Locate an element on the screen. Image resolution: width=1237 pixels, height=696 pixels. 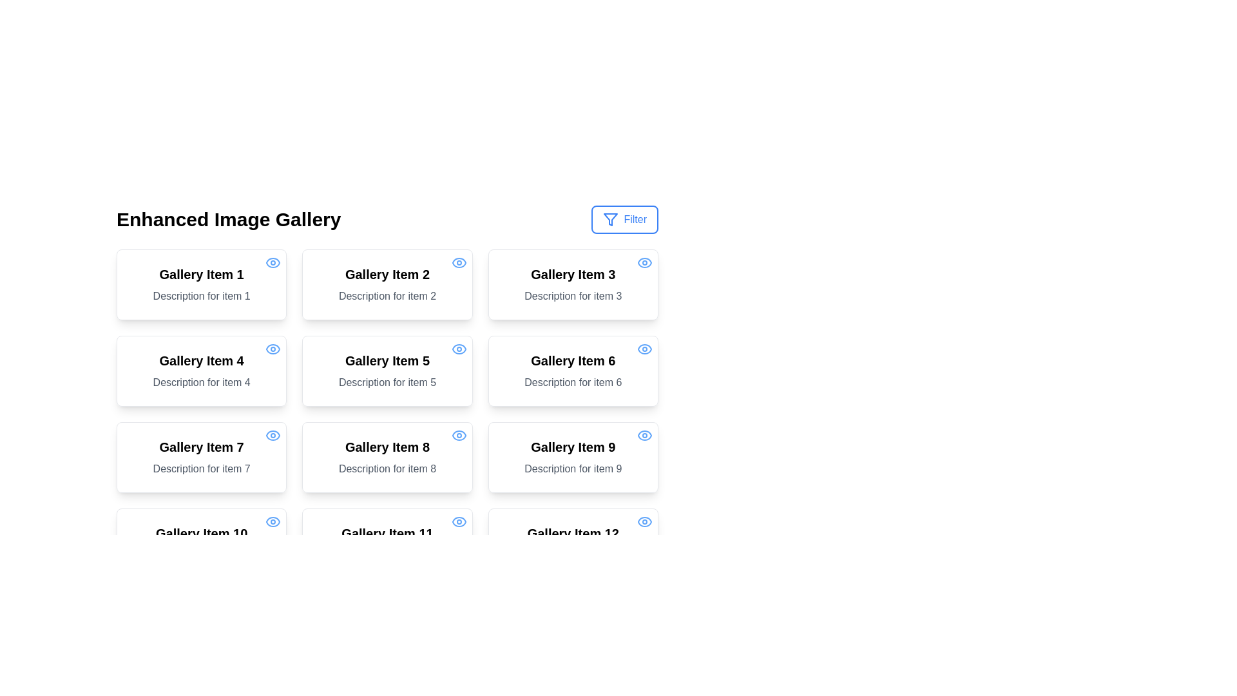
text content of the bold label displaying 'Gallery Item 7', located in the card layout in the third row and first column of the grid interface is located at coordinates (201, 447).